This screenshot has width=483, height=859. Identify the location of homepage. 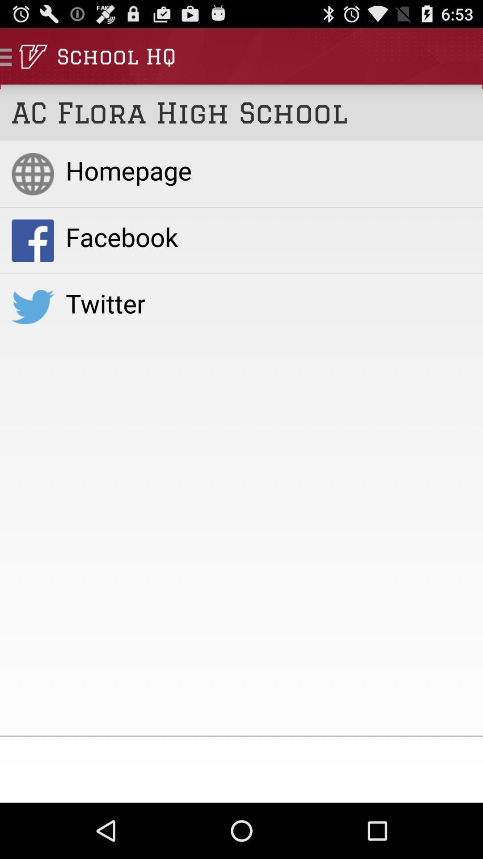
(268, 170).